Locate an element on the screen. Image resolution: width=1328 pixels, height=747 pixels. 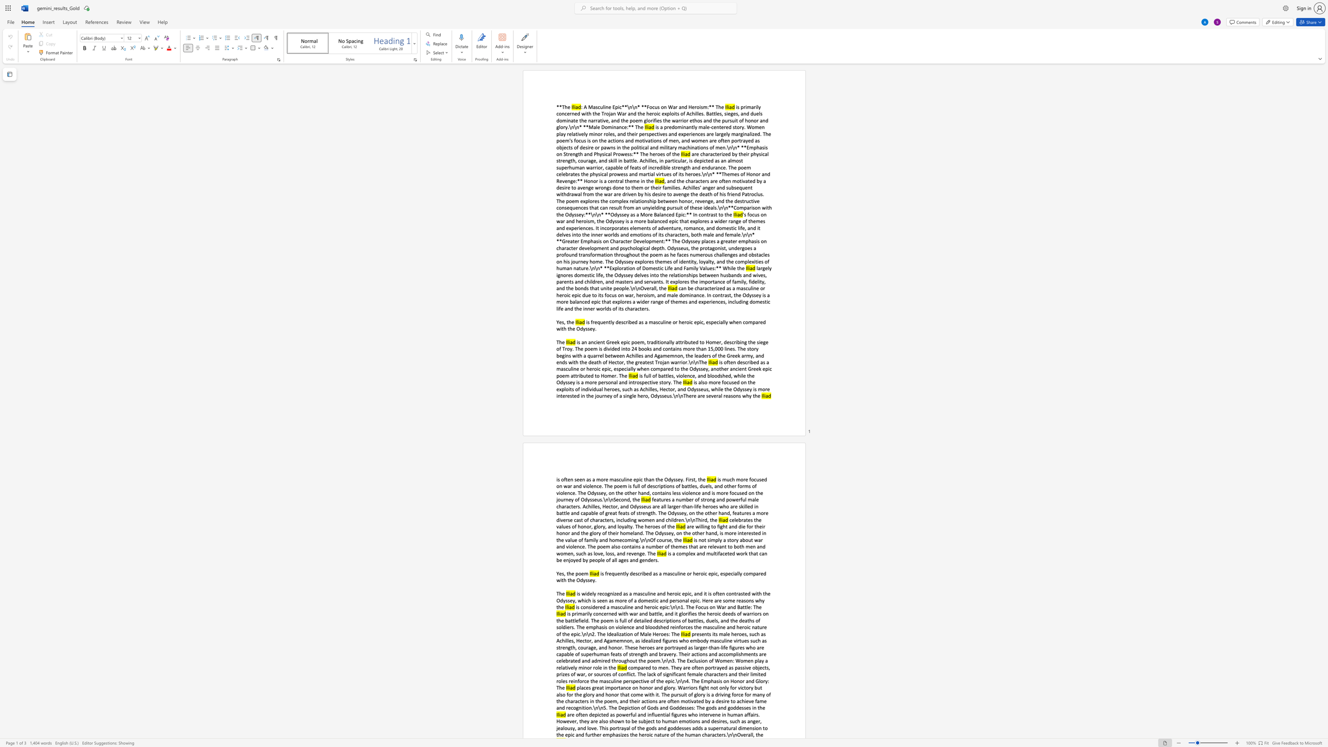
the subset text "ed, while the Odyssey is a more personal a" within the text "battles, violence, and bloodshed, while the Odyssey is a more personal and introspective story. The" is located at coordinates (725, 375).